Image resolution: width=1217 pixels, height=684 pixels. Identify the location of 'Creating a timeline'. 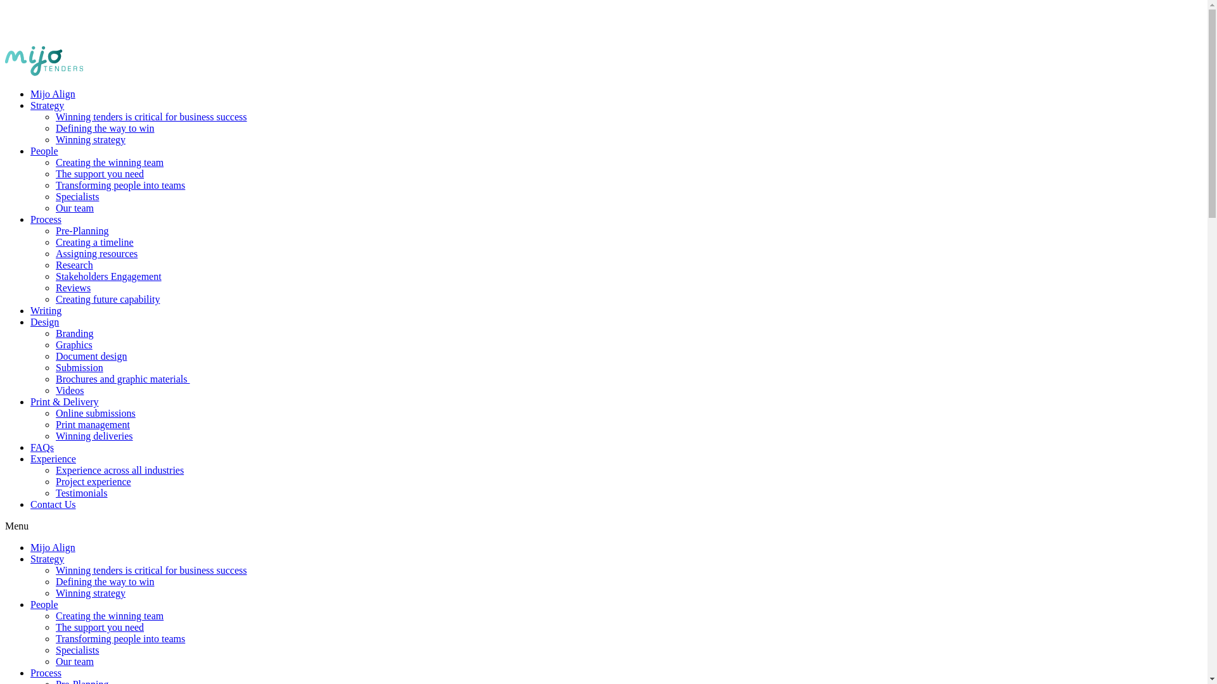
(55, 242).